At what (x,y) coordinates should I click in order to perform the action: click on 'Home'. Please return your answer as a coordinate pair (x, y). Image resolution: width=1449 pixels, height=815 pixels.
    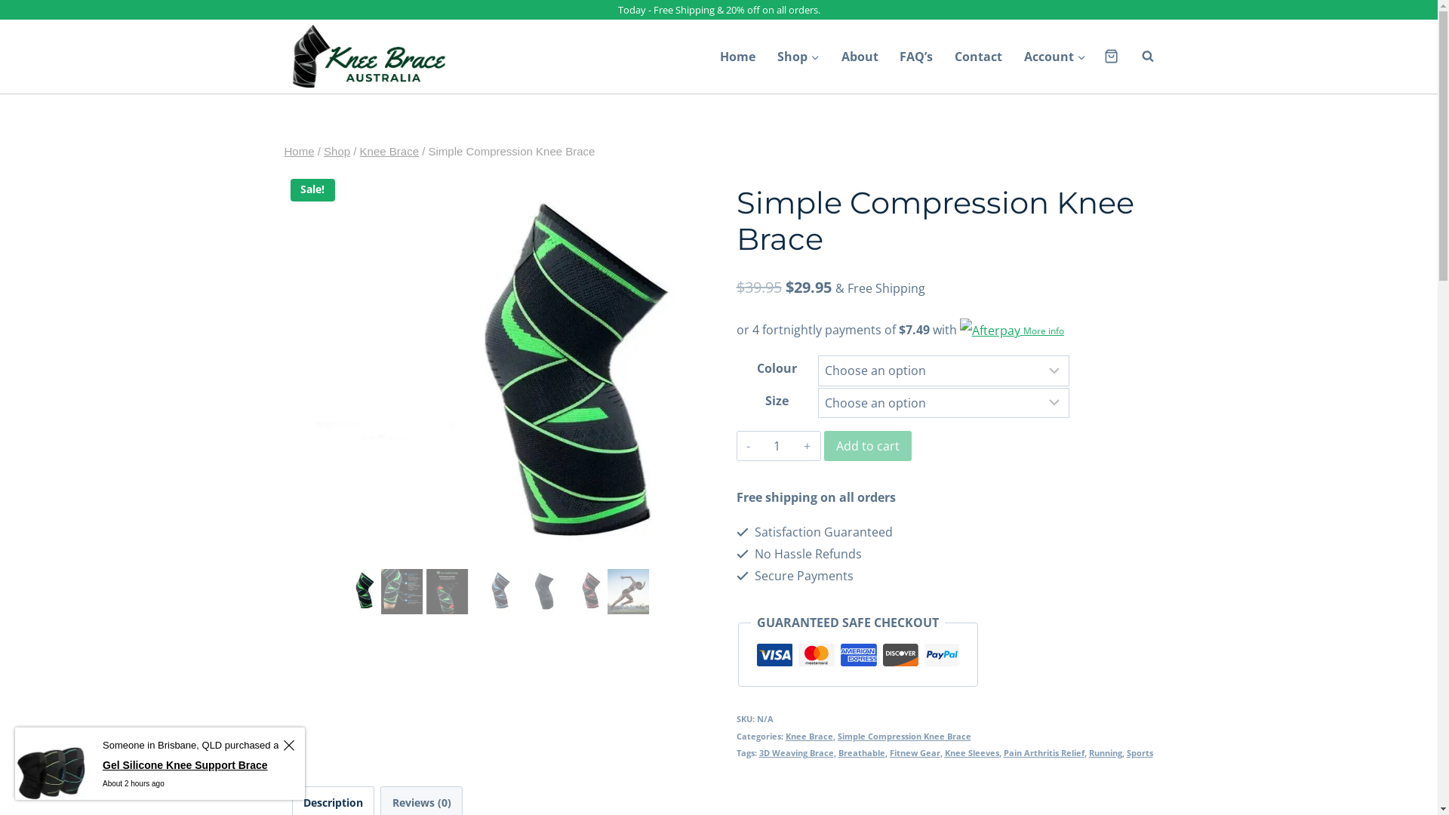
    Looking at the image, I should click on (738, 55).